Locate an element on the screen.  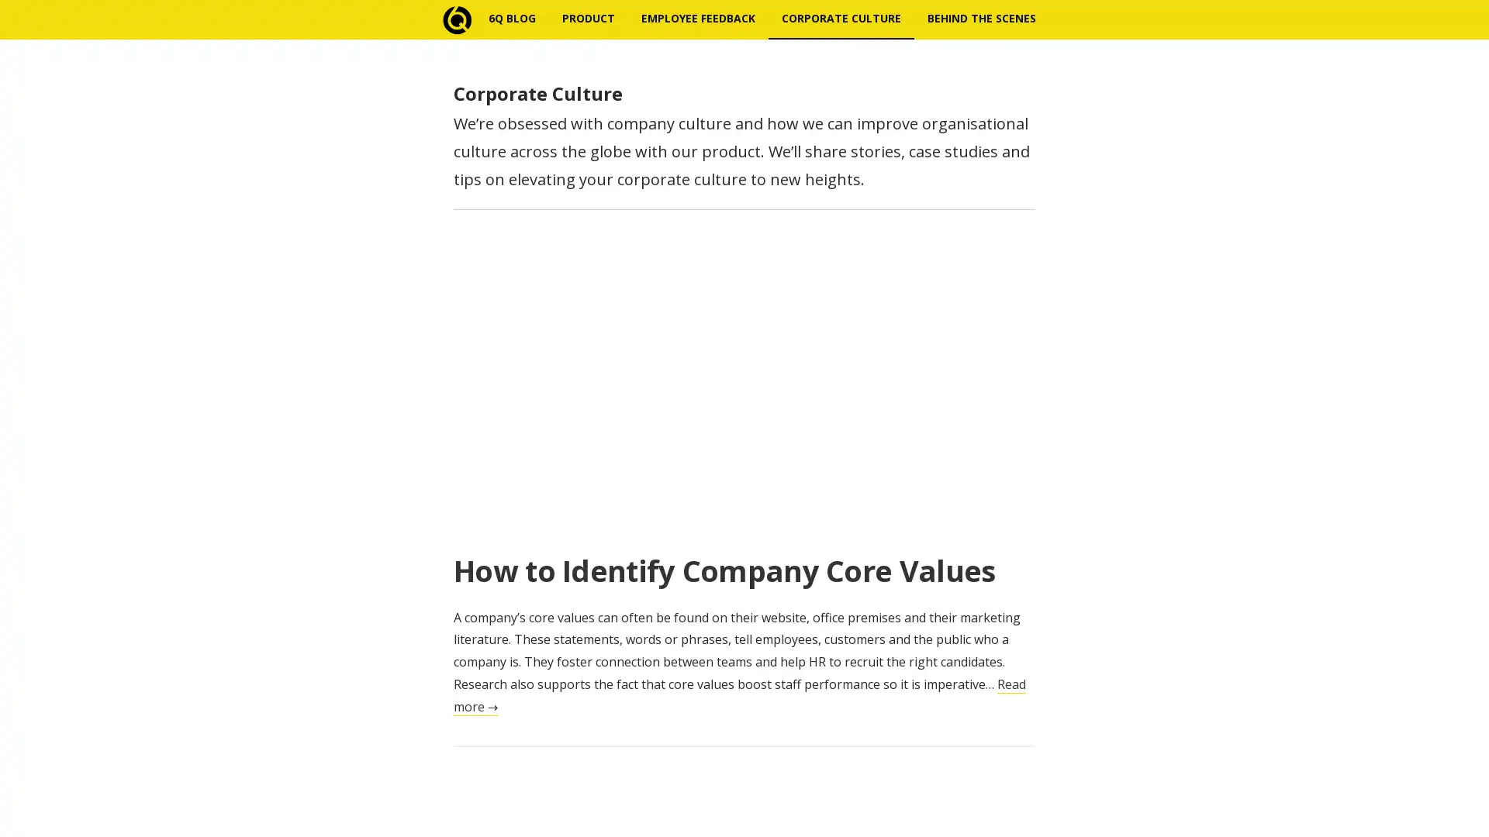
Subscribe is located at coordinates (915, 815).